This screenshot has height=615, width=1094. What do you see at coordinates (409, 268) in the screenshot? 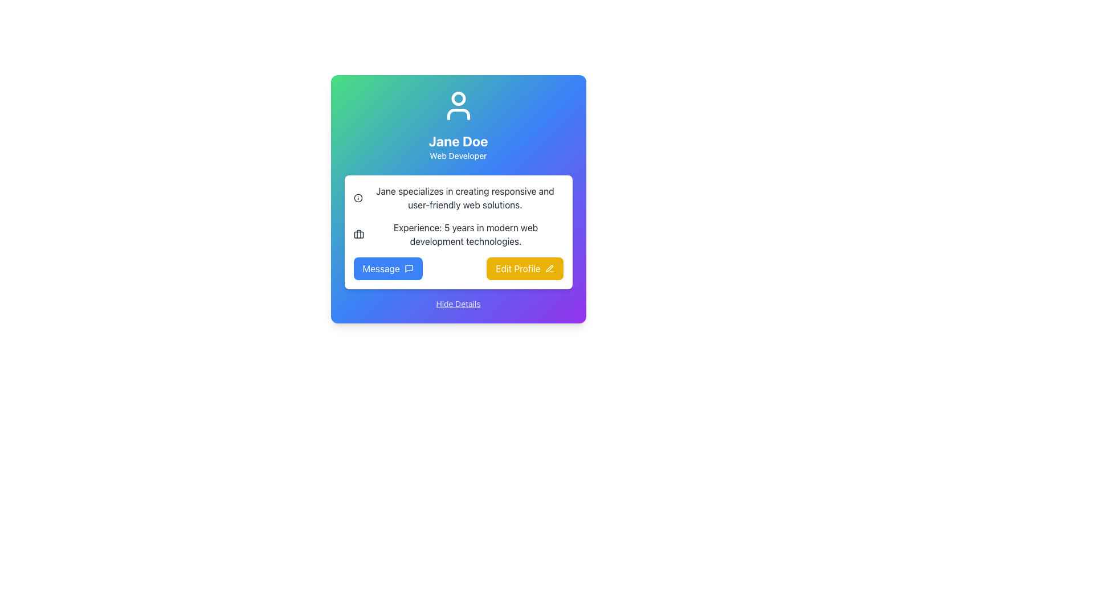
I see `the square-shaped speech bubble icon with a blue background and white border, located next to the text 'Message' in the button` at bounding box center [409, 268].